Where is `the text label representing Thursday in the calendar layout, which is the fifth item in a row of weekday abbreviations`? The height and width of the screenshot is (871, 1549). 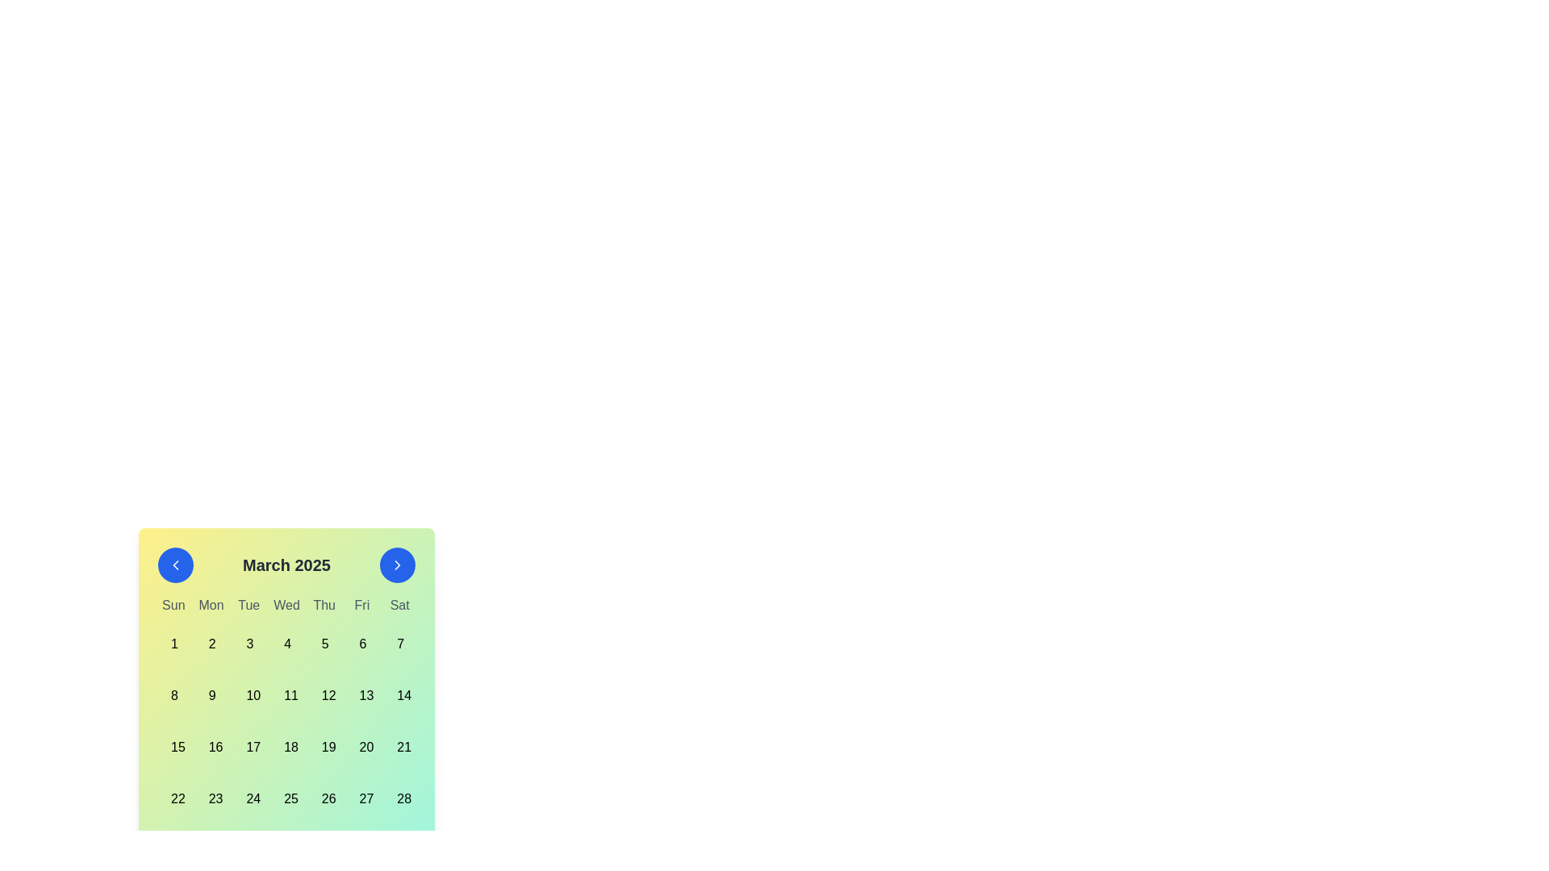 the text label representing Thursday in the calendar layout, which is the fifth item in a row of weekday abbreviations is located at coordinates (324, 606).